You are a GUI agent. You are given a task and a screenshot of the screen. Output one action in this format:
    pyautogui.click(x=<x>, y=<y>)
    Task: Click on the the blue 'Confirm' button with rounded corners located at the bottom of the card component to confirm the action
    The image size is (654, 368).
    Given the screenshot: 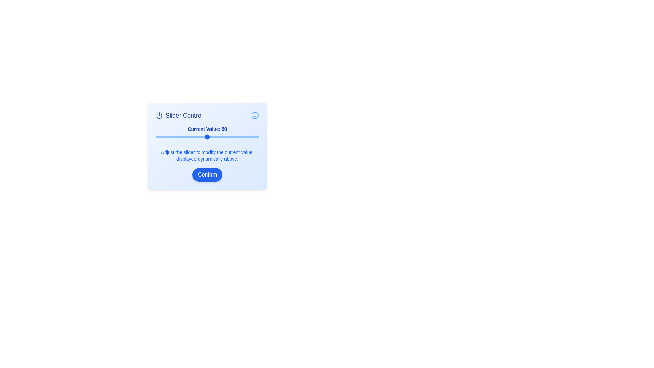 What is the action you would take?
    pyautogui.click(x=207, y=174)
    